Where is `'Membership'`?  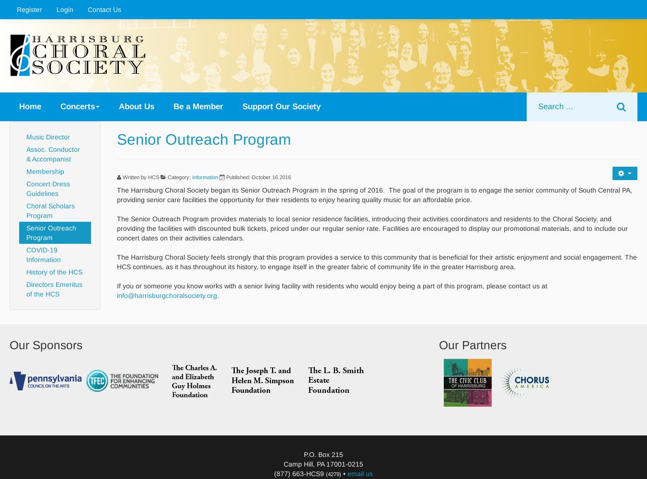 'Membership' is located at coordinates (45, 171).